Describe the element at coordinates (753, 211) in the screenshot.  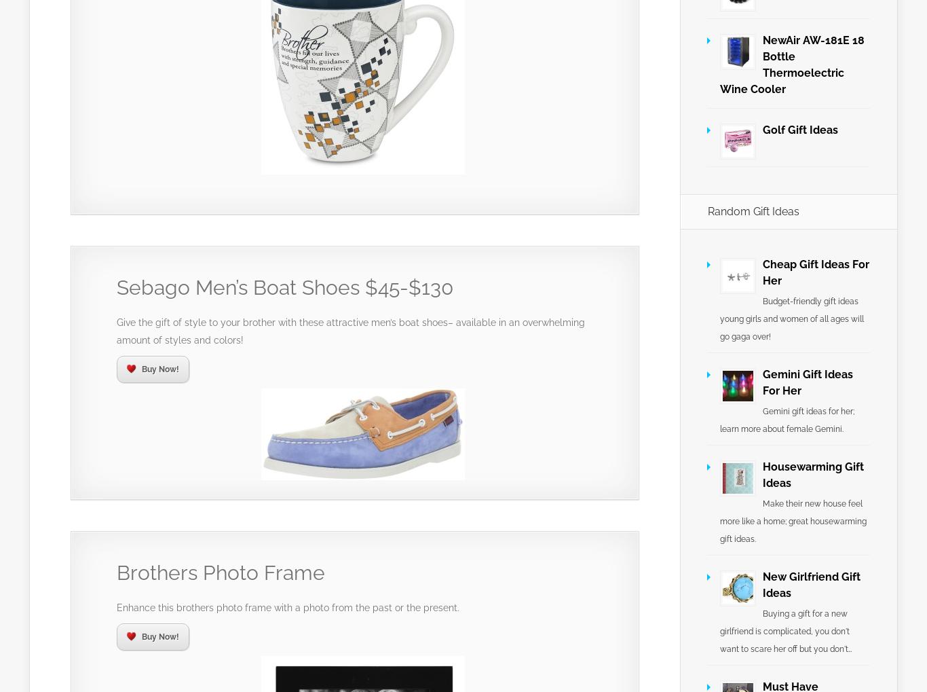
I see `'Random Gift Ideas'` at that location.